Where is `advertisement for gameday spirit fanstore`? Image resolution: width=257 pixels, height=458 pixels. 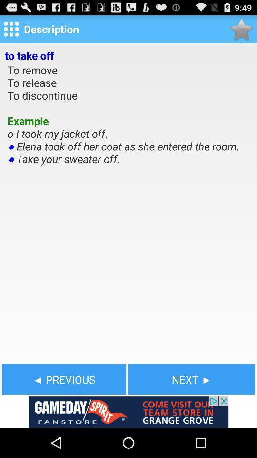 advertisement for gameday spirit fanstore is located at coordinates (128, 412).